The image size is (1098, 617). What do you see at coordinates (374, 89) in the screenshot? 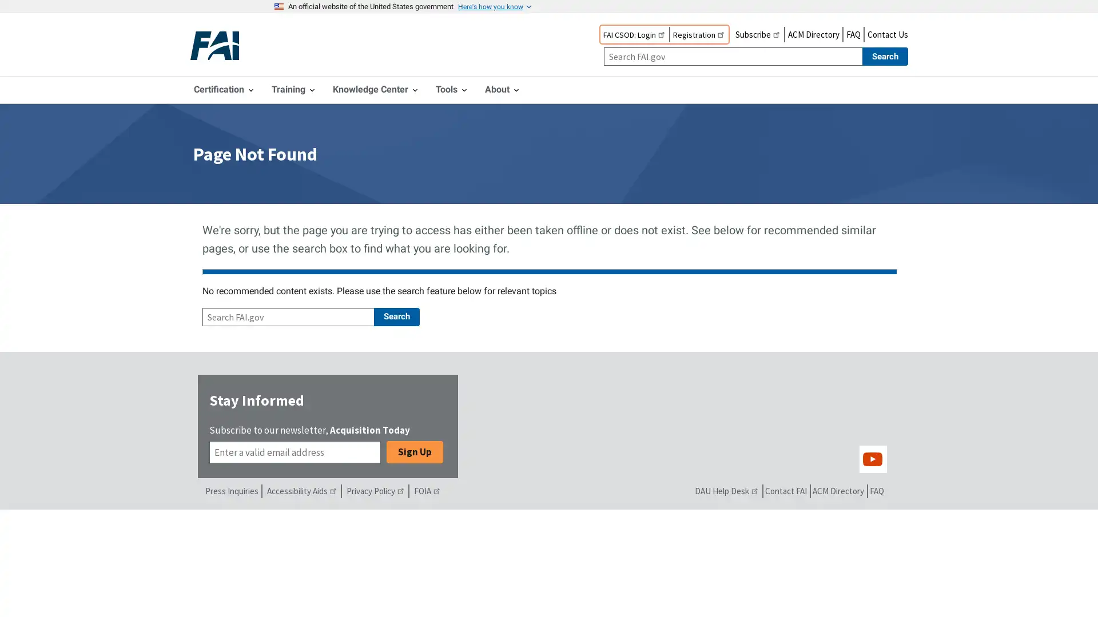
I see `Knowledge Center` at bounding box center [374, 89].